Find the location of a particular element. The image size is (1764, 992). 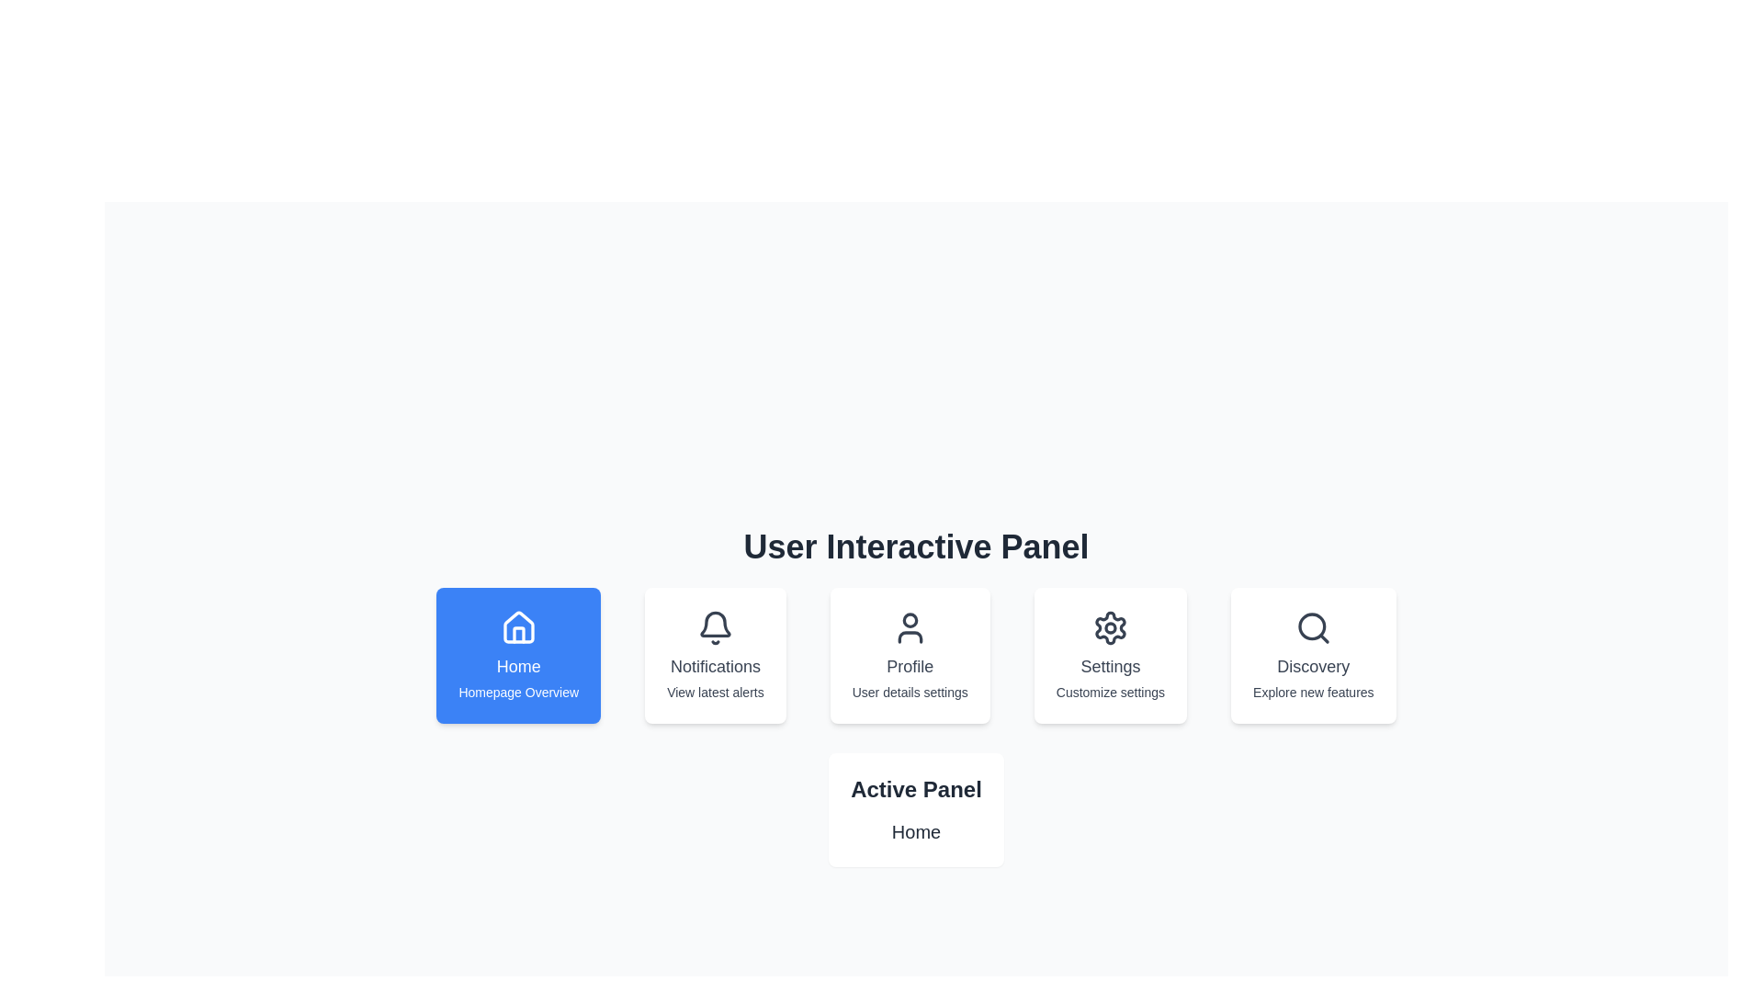

the search or exploration-related icon located at the top center of the 'Discovery' panel, which is the fifth panel from the left under the 'User Interactive Panel' header is located at coordinates (1312, 626).